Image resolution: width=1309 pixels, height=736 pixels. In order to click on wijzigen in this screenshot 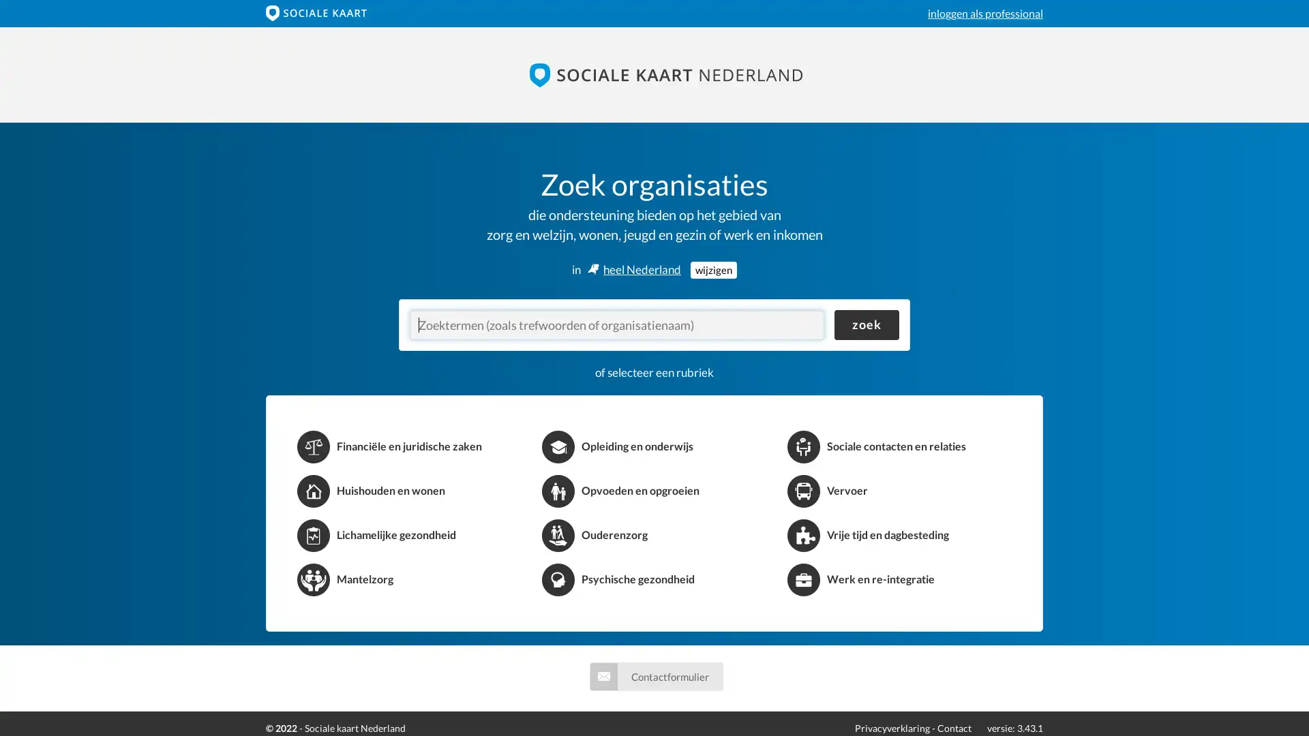, I will do `click(712, 269)`.